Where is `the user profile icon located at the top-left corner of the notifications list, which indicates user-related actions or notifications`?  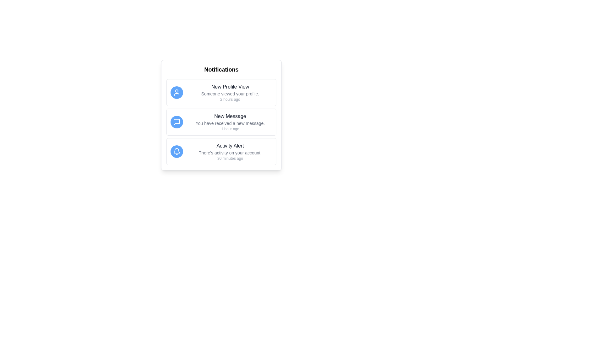 the user profile icon located at the top-left corner of the notifications list, which indicates user-related actions or notifications is located at coordinates (176, 92).